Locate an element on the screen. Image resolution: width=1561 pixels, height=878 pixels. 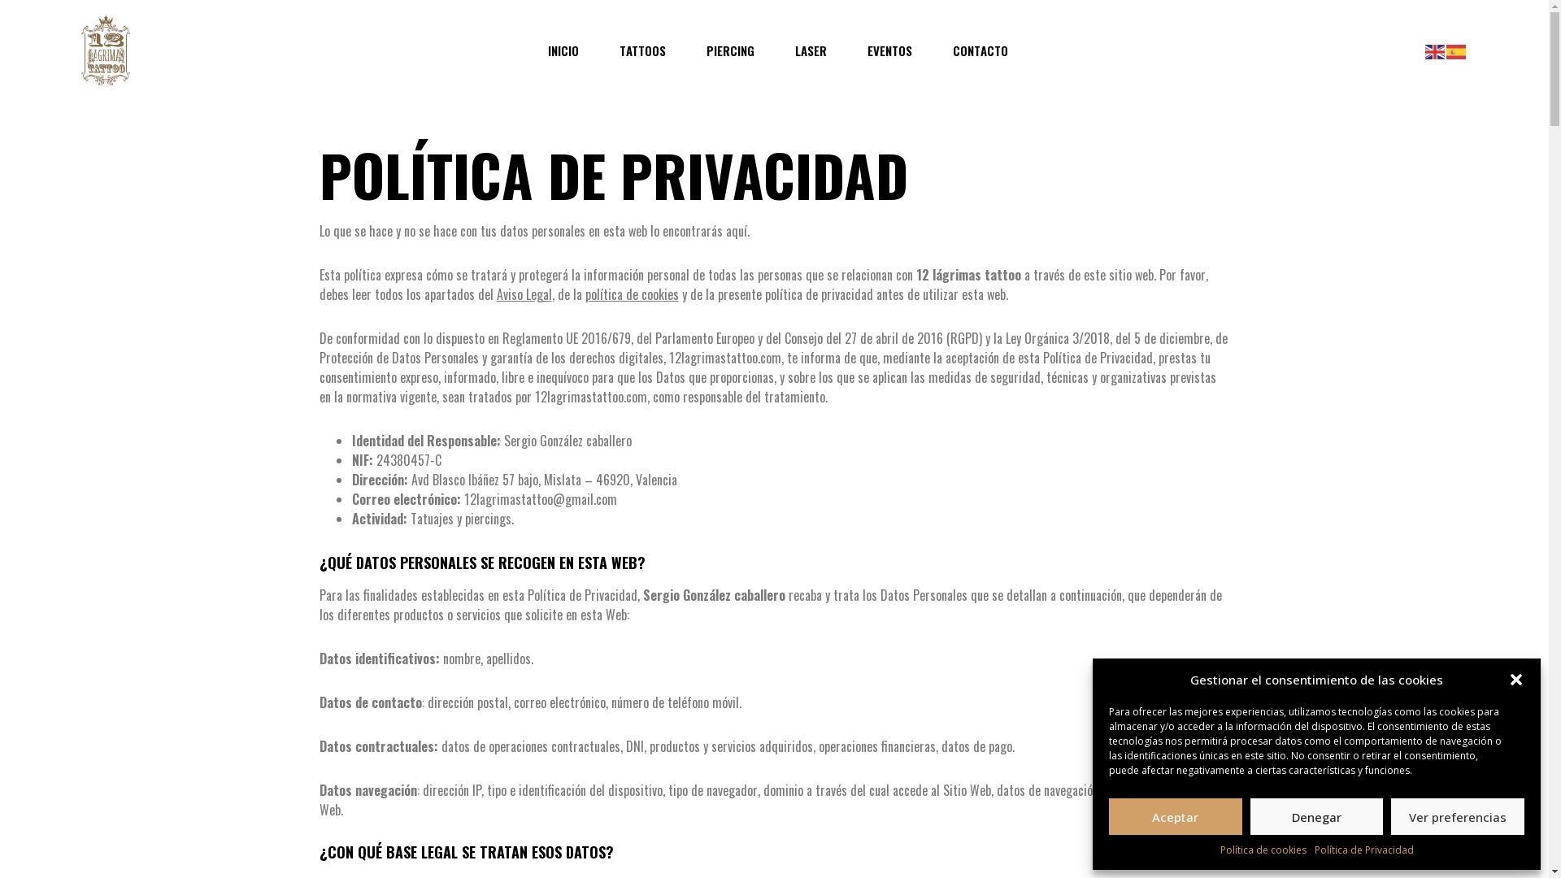
'CONTACTO' is located at coordinates (979, 49).